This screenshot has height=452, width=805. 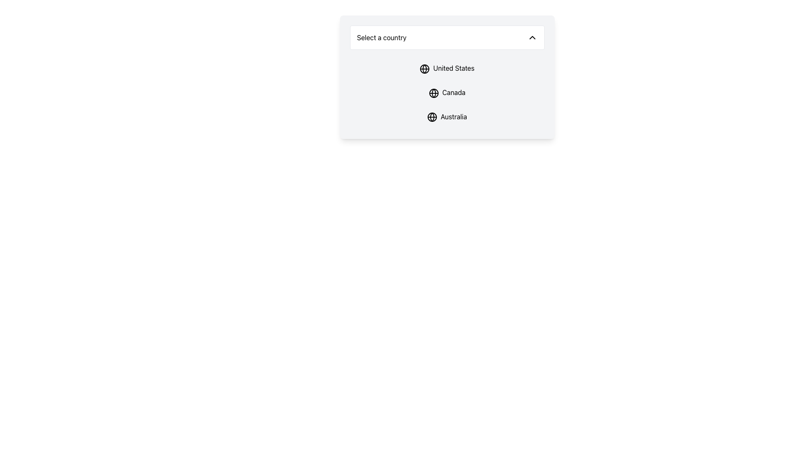 I want to click on the first circular vector graphic element in the SVG icon next to the text 'Canada' in the dropdown menu, so click(x=434, y=93).